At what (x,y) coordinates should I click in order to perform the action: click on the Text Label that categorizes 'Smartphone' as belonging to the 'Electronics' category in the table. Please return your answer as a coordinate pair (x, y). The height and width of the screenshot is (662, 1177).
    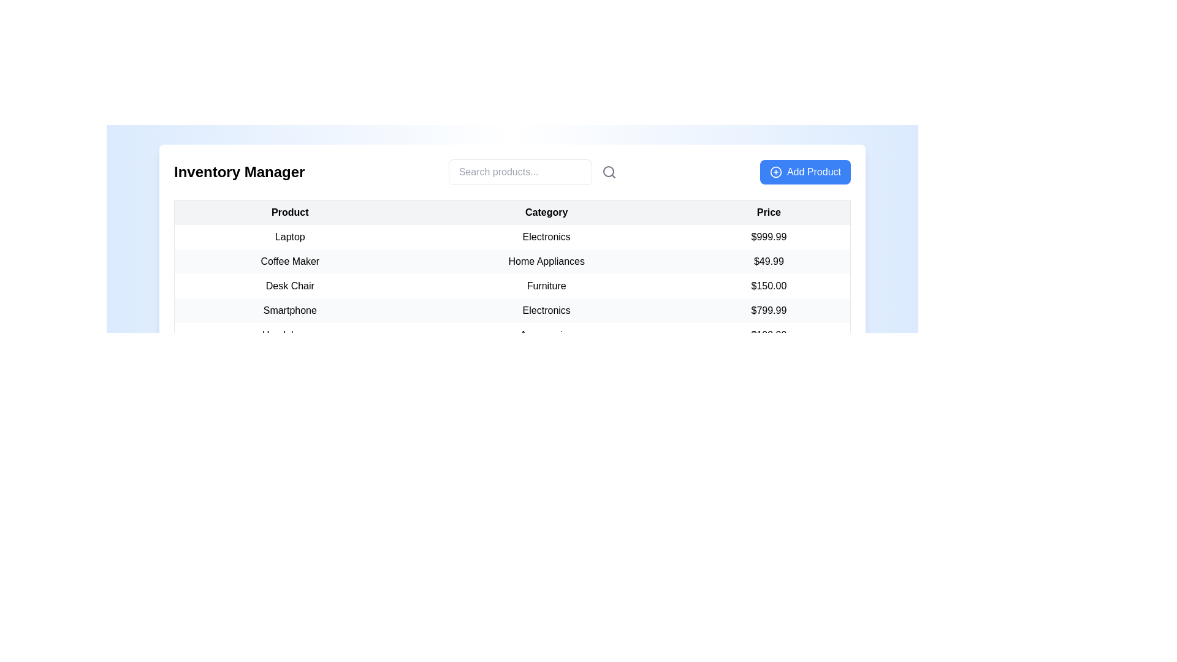
    Looking at the image, I should click on (546, 310).